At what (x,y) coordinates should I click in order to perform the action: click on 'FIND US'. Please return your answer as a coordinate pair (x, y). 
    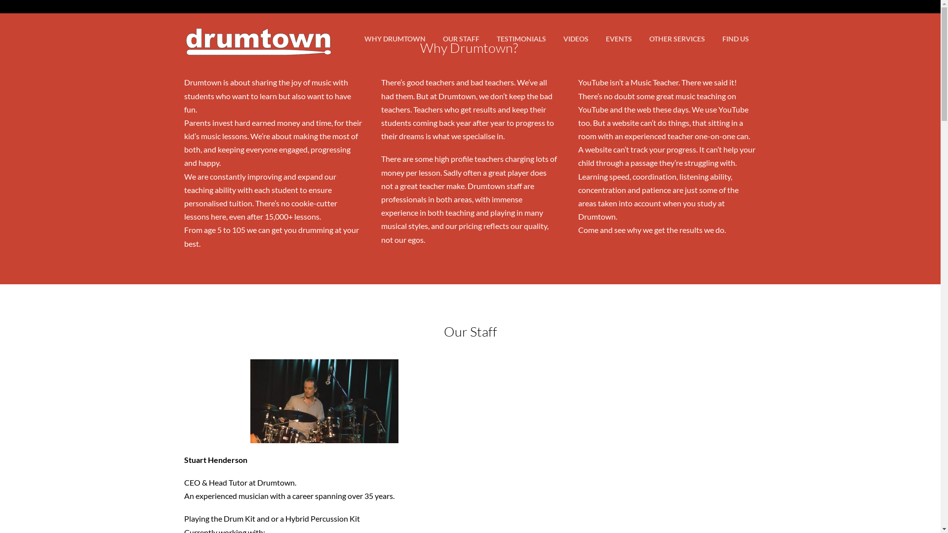
    Looking at the image, I should click on (735, 38).